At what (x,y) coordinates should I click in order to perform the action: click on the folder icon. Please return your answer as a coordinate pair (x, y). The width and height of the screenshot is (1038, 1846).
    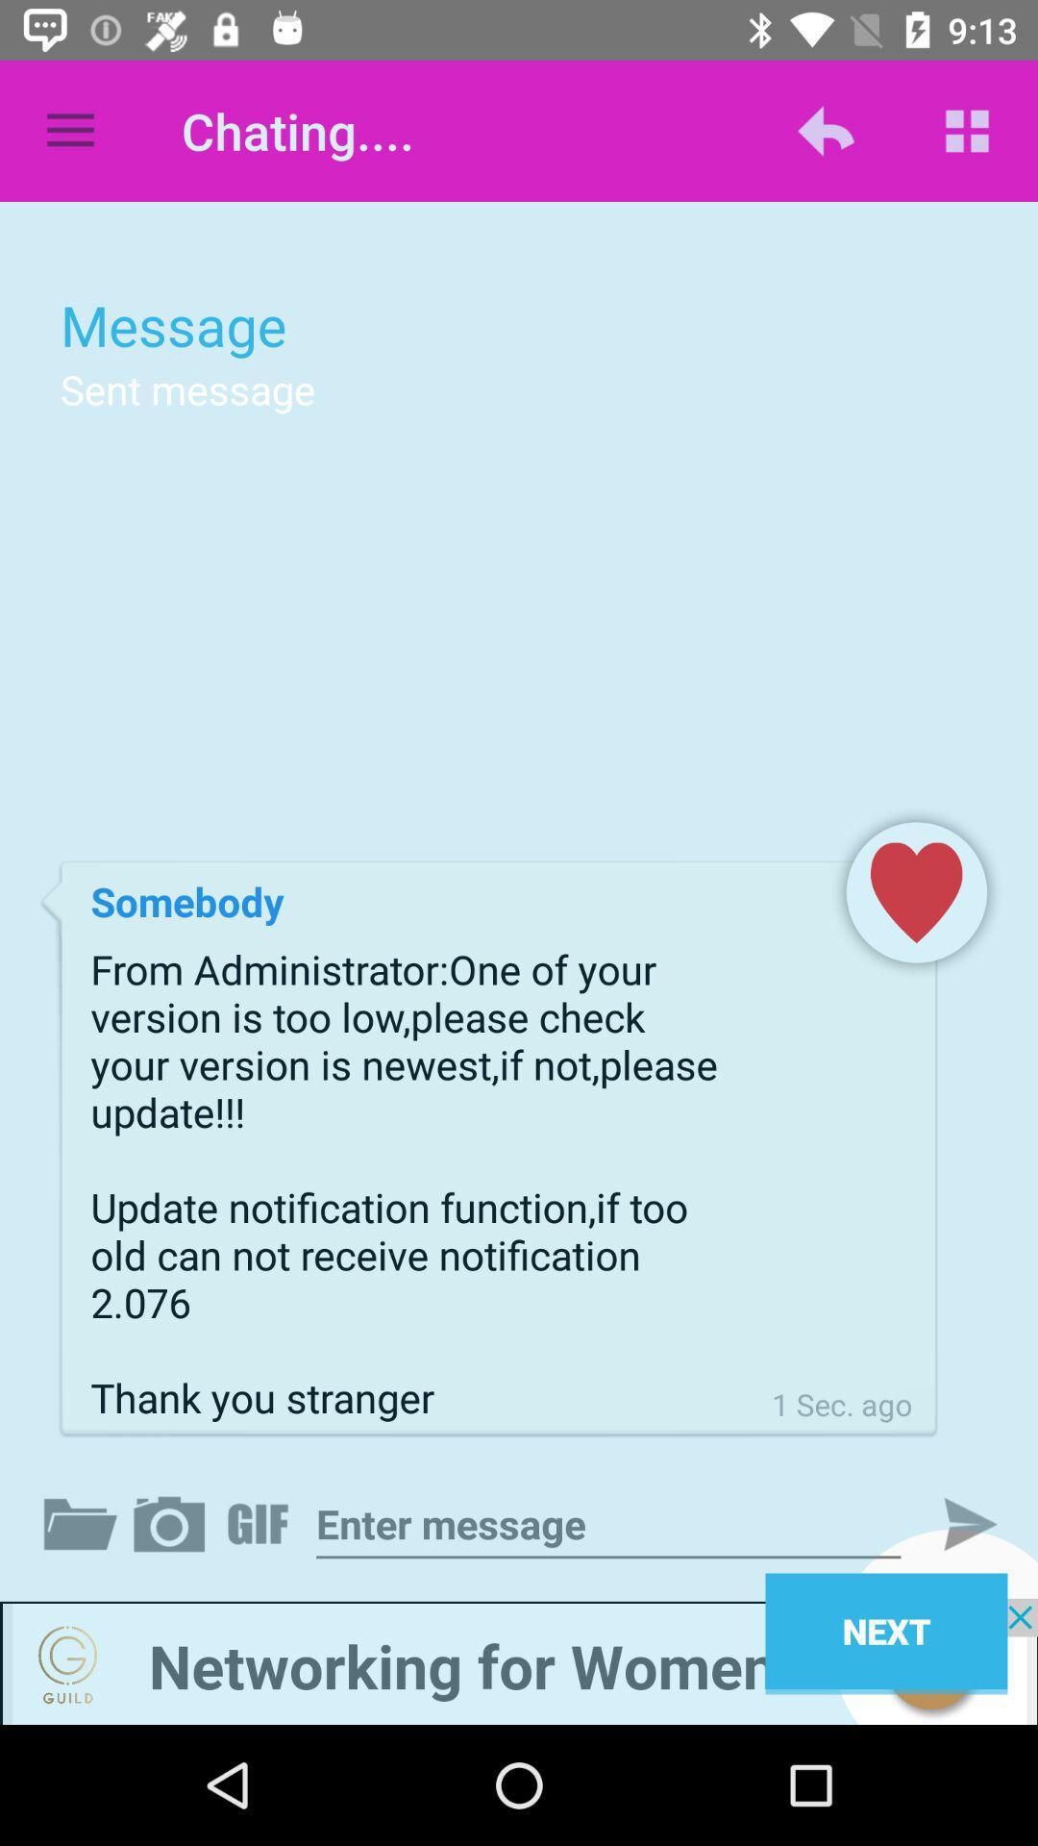
    Looking at the image, I should click on (84, 1523).